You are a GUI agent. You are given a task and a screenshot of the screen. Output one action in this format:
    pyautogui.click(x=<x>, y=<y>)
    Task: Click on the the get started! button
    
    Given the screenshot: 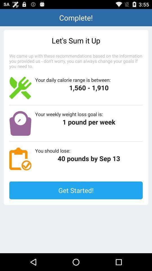 What is the action you would take?
    pyautogui.click(x=76, y=190)
    